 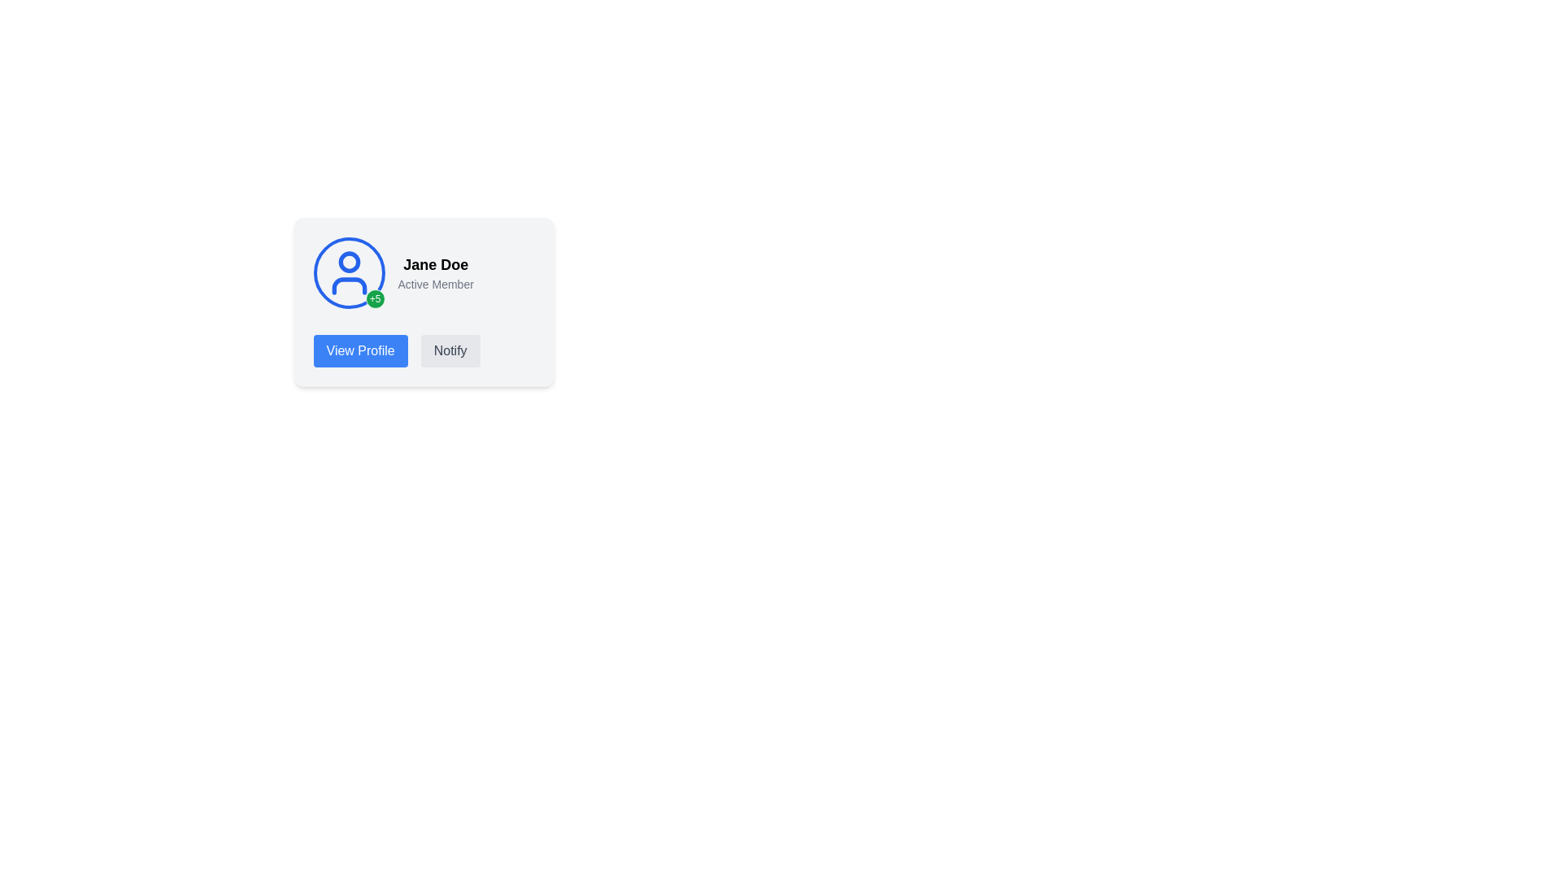 I want to click on the Card Component, so click(x=424, y=358).